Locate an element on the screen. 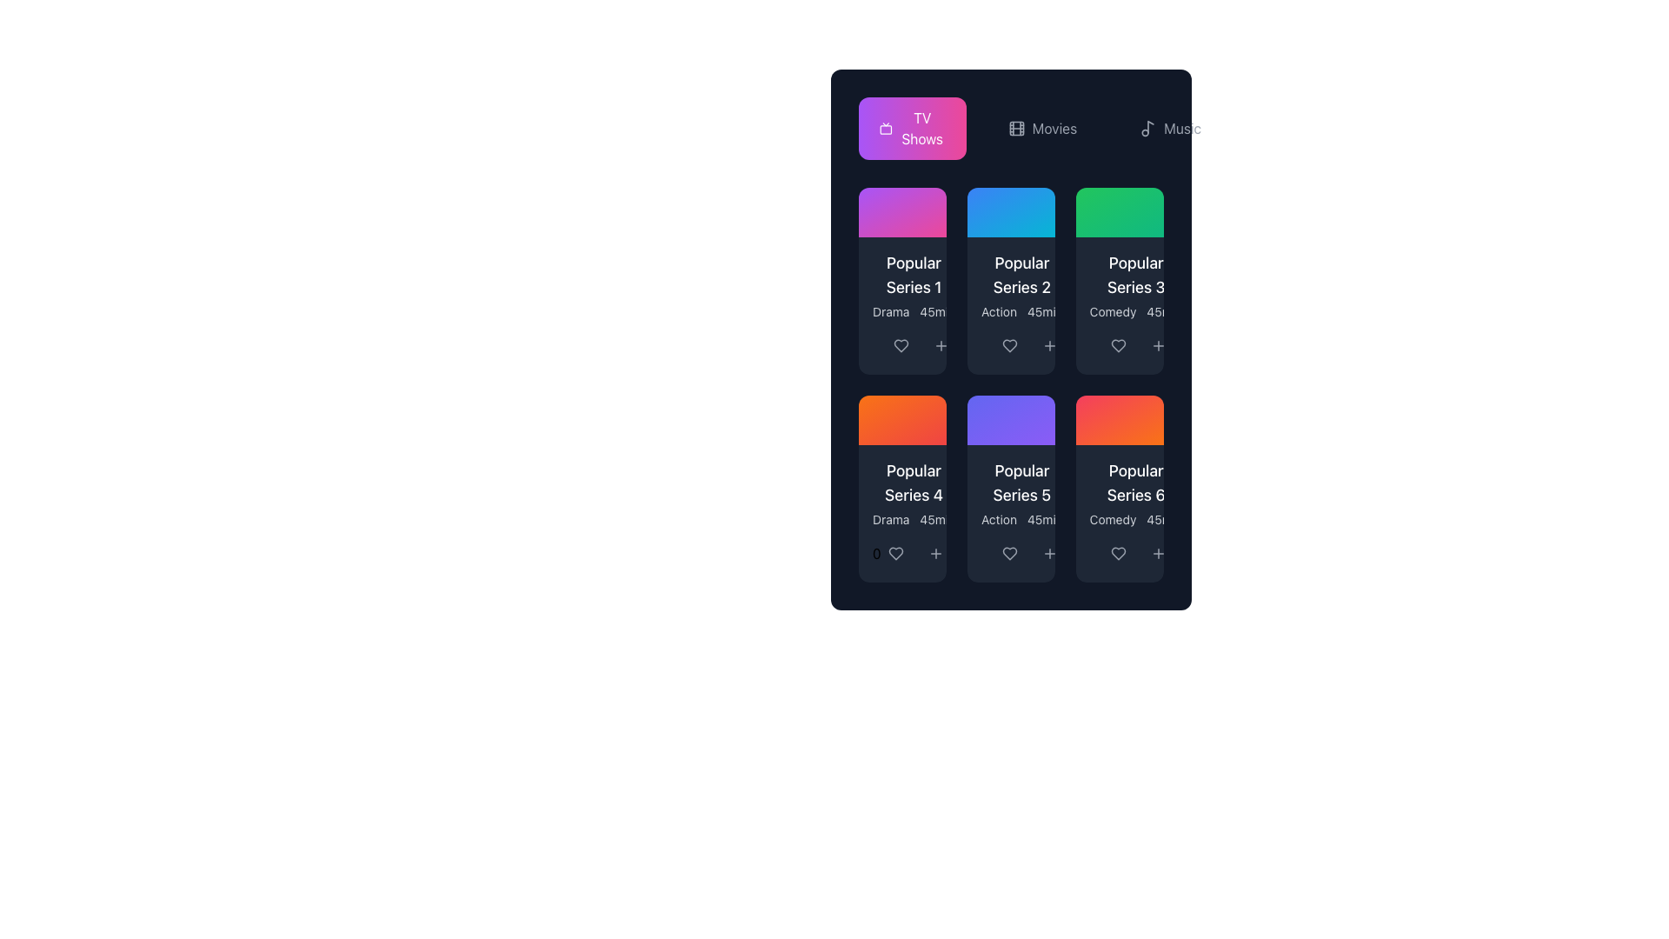  the 'plus' icon button located in the lower-right section of the 'Popular Series 2' card, which features a minimalistic design and transitions from gray to white on hover is located at coordinates (1049, 345).